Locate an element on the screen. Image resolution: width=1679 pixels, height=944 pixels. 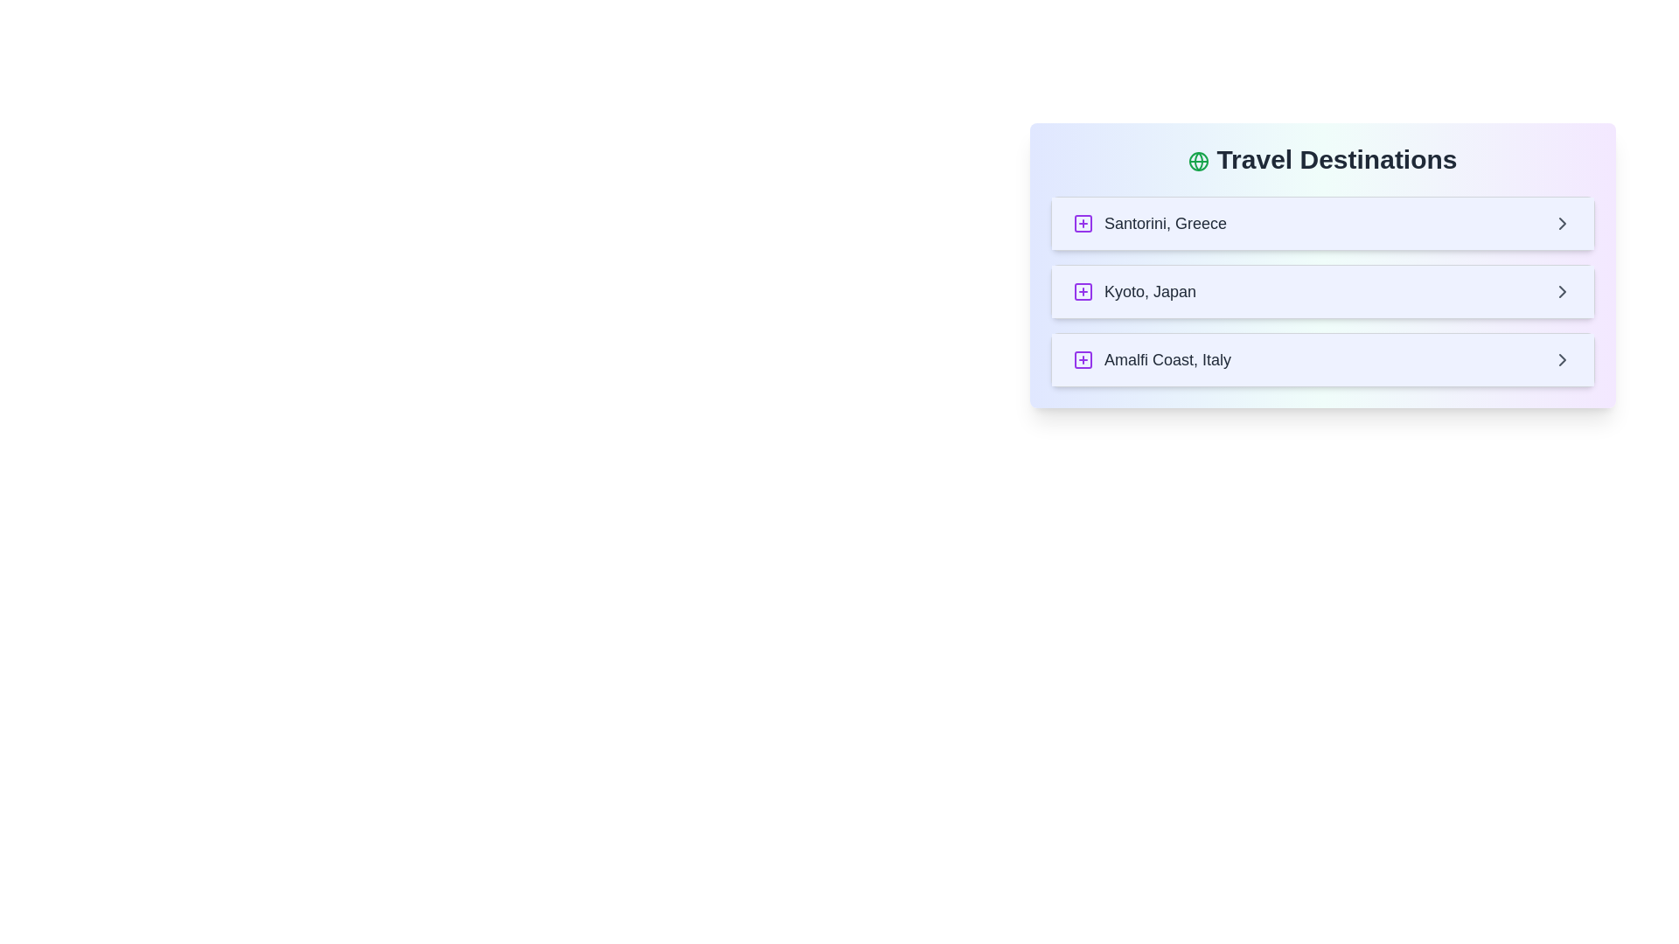
the label displaying 'Amalfi Coast, Italy', which is the third entry in a list of travel destinations, located at the bottom of the list is located at coordinates (1167, 359).